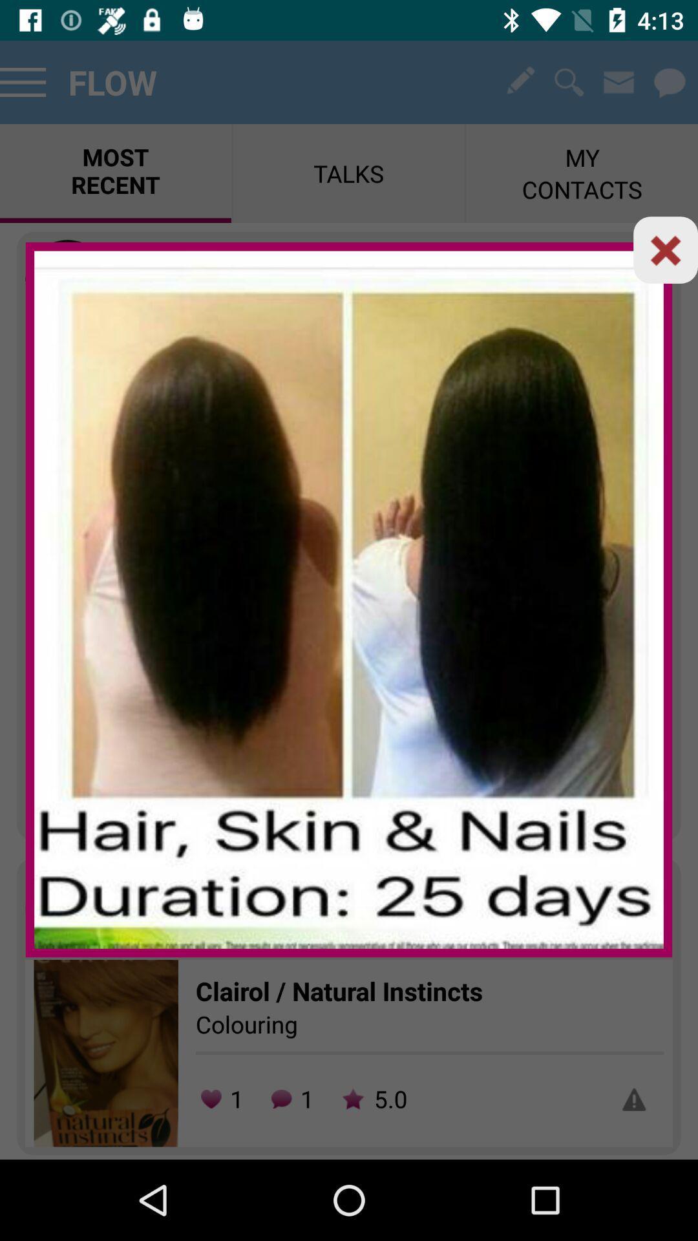  I want to click on the search icon, so click(568, 81).